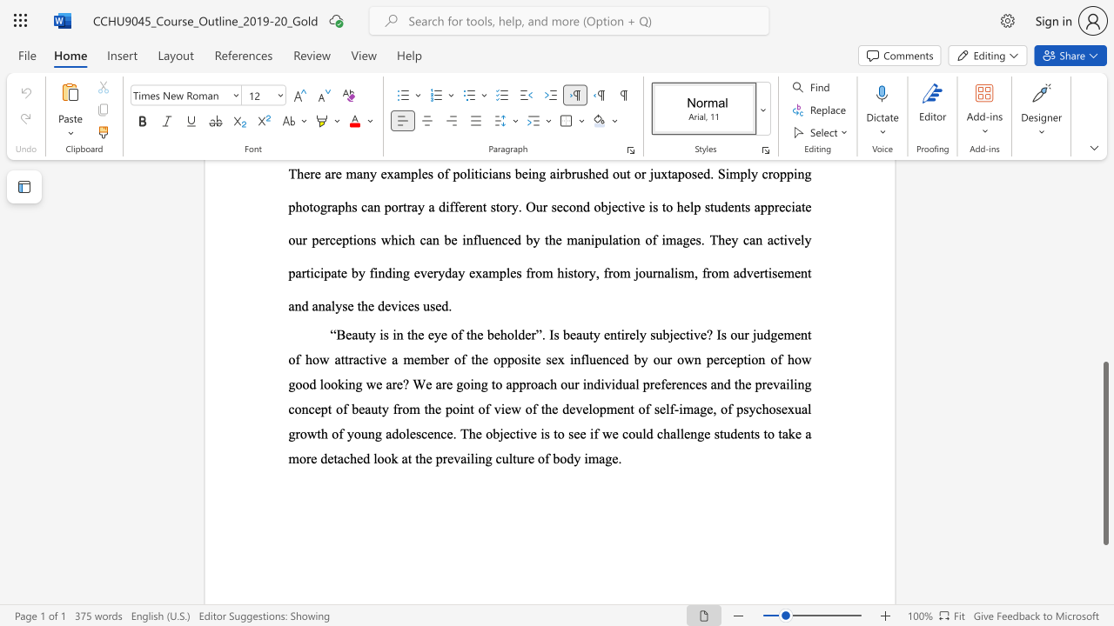  Describe the element at coordinates (1104, 452) in the screenshot. I see `the scrollbar and move up 510 pixels` at that location.